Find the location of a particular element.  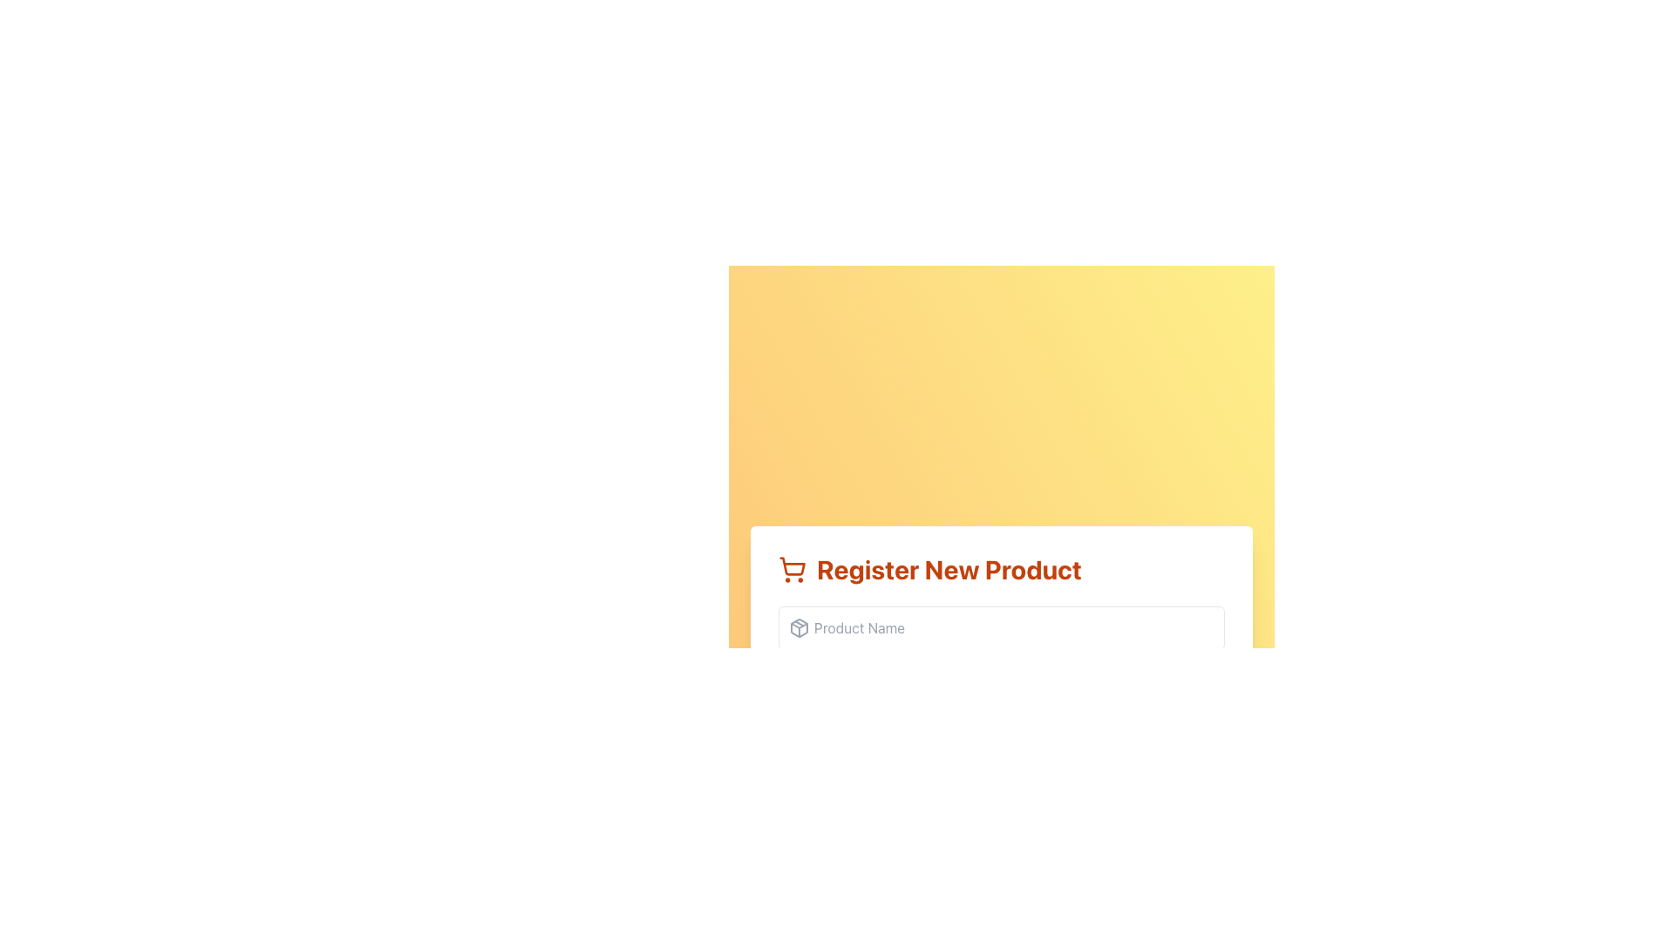

the package icon located in the top-left section of the 'Register New Product' card, which represents product or packaging-related concepts is located at coordinates (798, 627).